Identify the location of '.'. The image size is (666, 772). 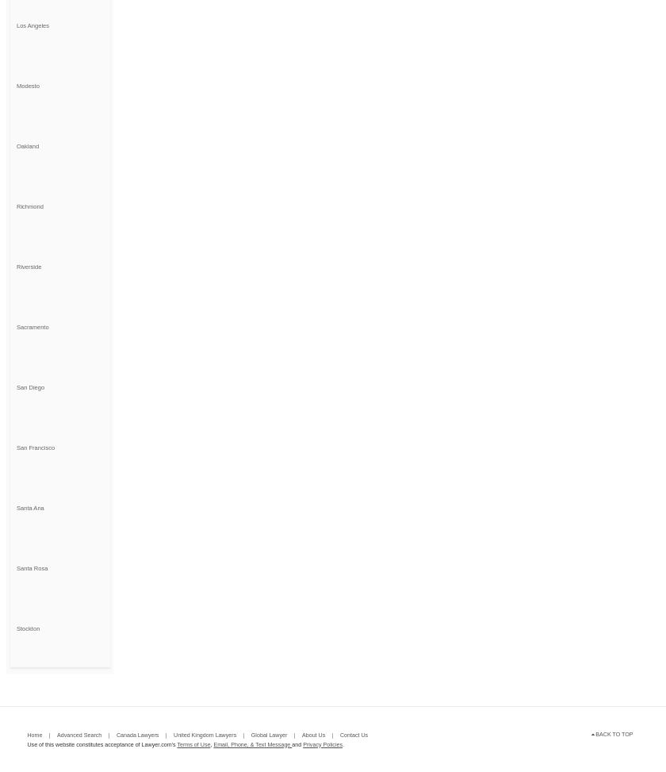
(343, 743).